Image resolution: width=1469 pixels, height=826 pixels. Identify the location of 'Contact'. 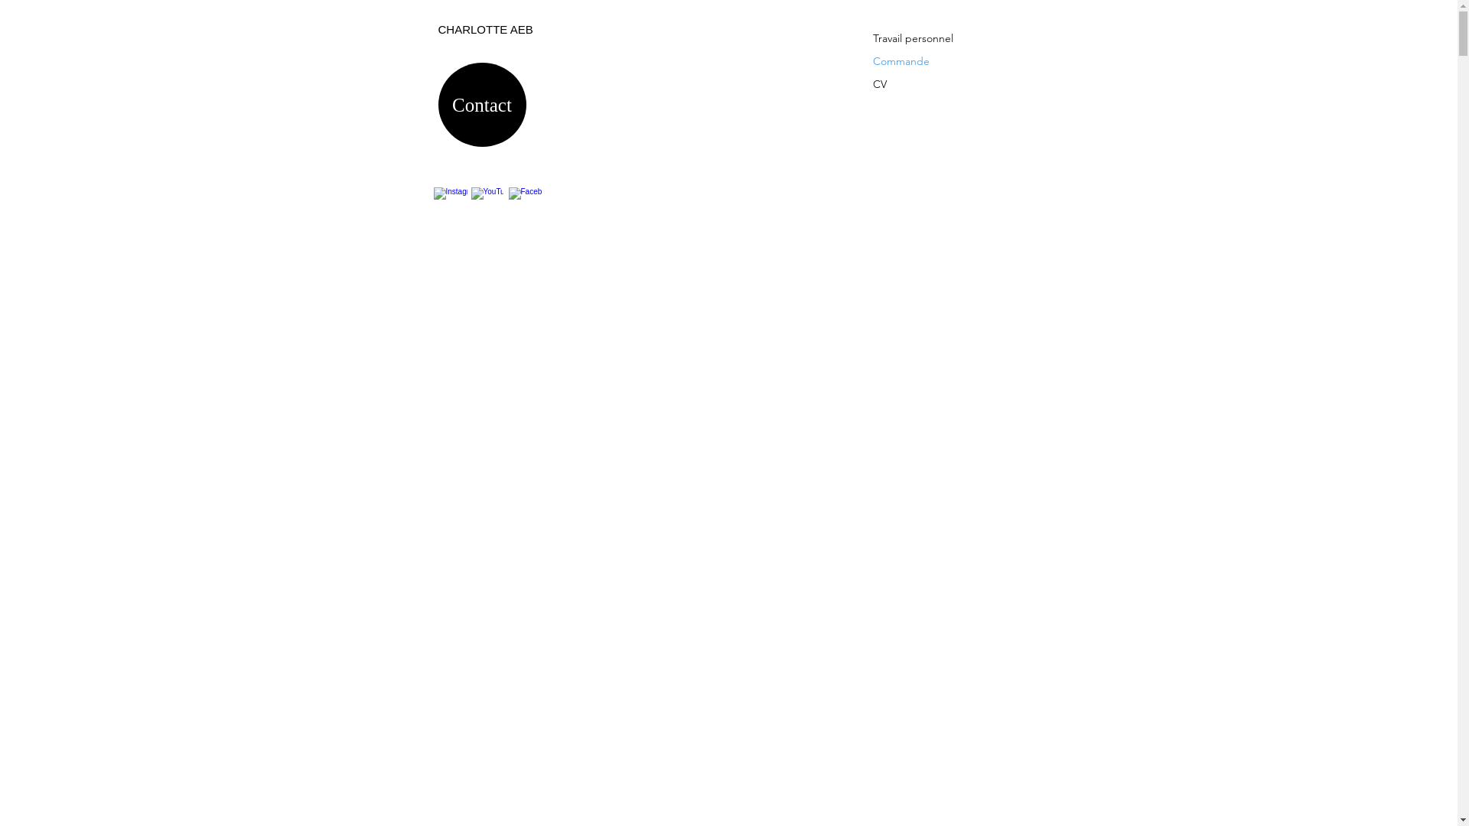
(480, 104).